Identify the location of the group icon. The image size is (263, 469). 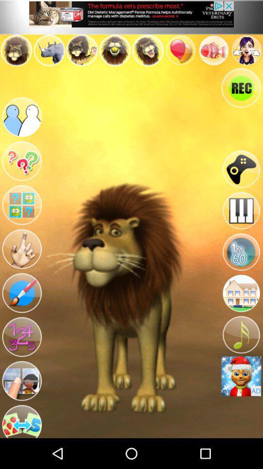
(21, 125).